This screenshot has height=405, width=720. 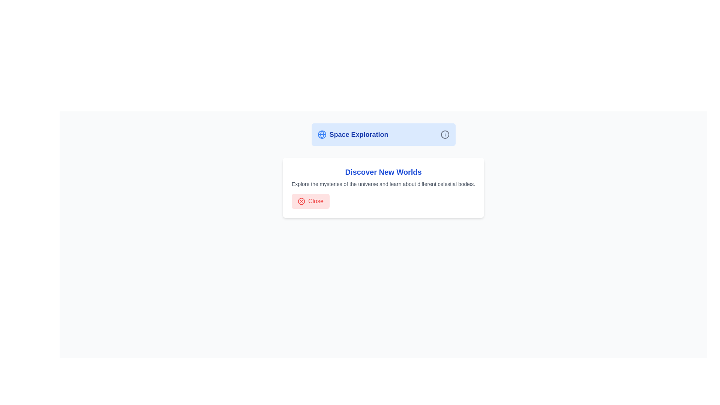 I want to click on the close icon located inside the button on the left side of the row labeled 'Close', so click(x=301, y=201).